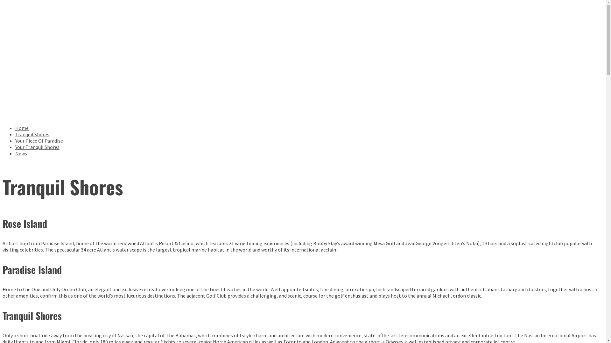 The width and height of the screenshot is (611, 343). I want to click on 'News', so click(21, 153).